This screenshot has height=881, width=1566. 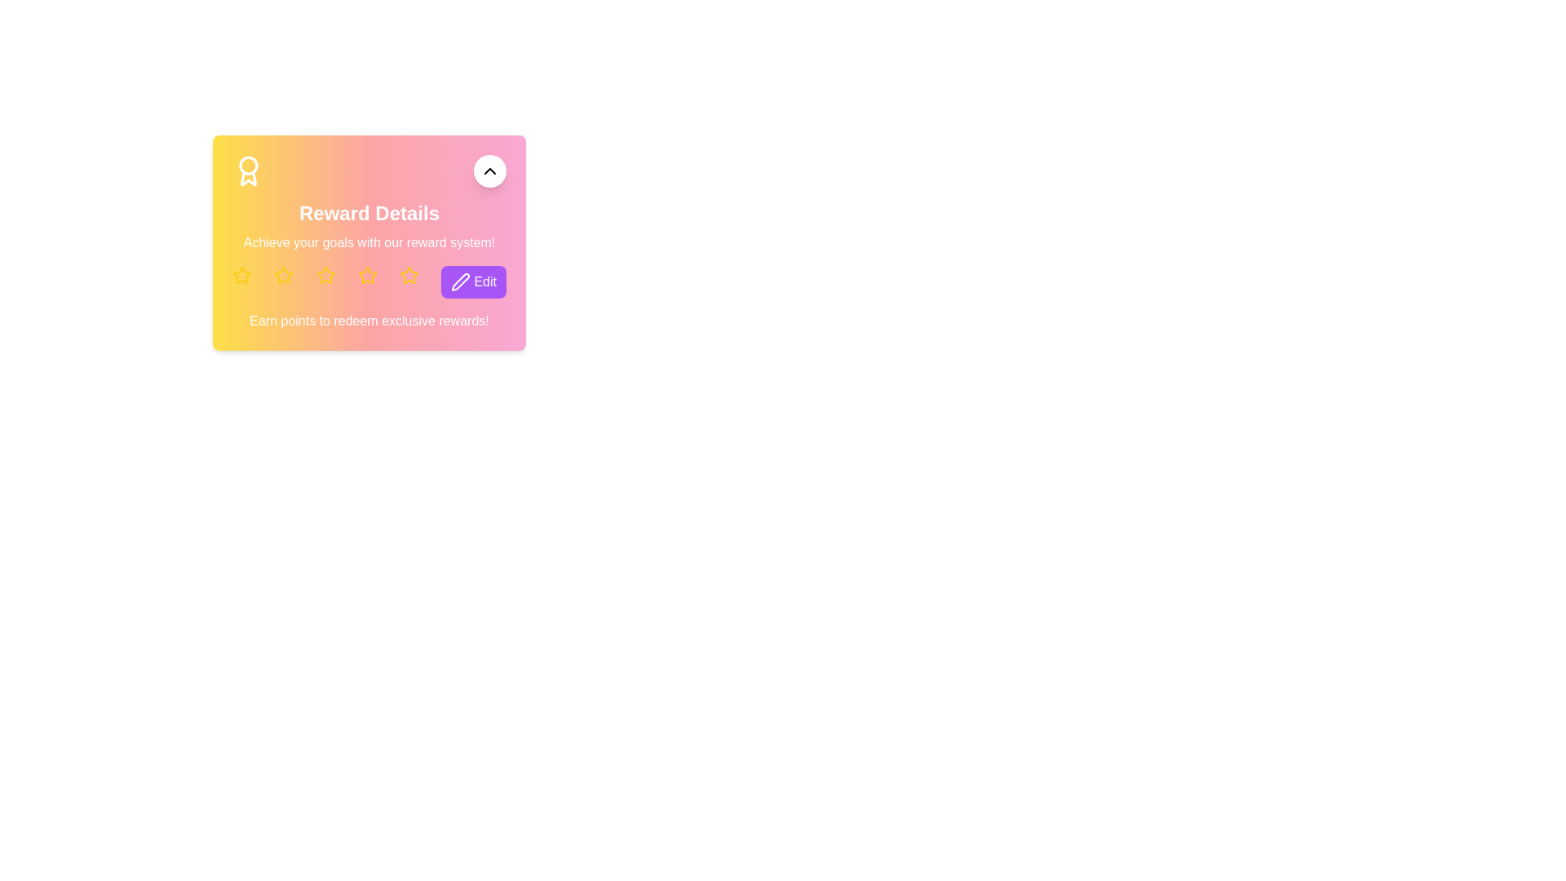 I want to click on the second yellow star icon, so click(x=284, y=274).